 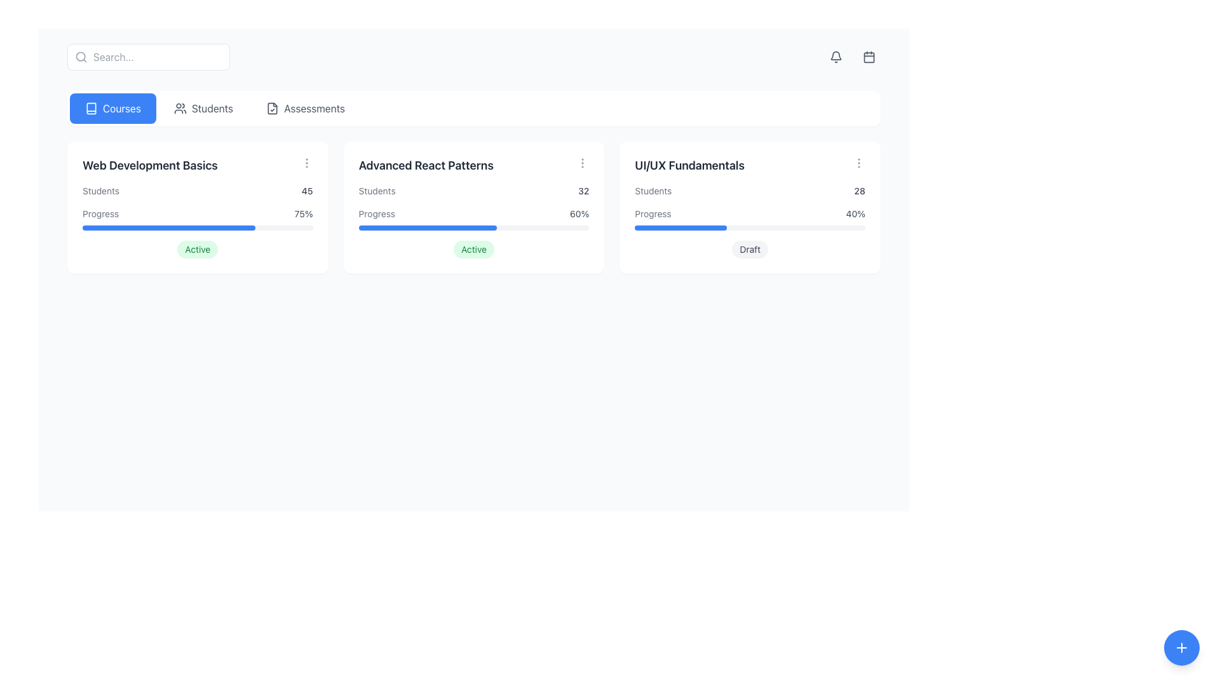 I want to click on the open book icon associated with the 'Courses' button, which is positioned at the top-left section of the interface, so click(x=91, y=107).